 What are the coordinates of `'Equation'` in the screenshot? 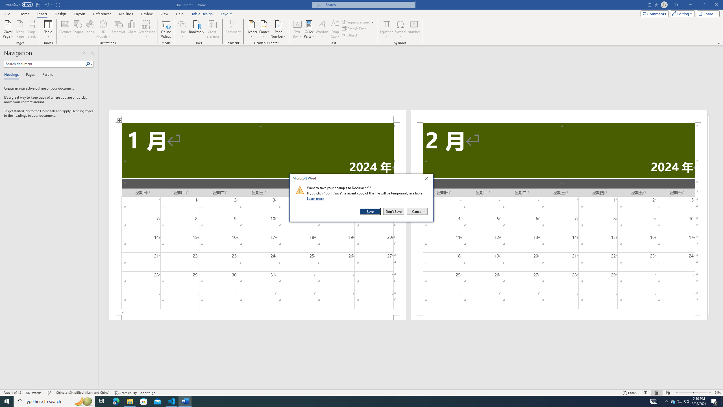 It's located at (387, 29).